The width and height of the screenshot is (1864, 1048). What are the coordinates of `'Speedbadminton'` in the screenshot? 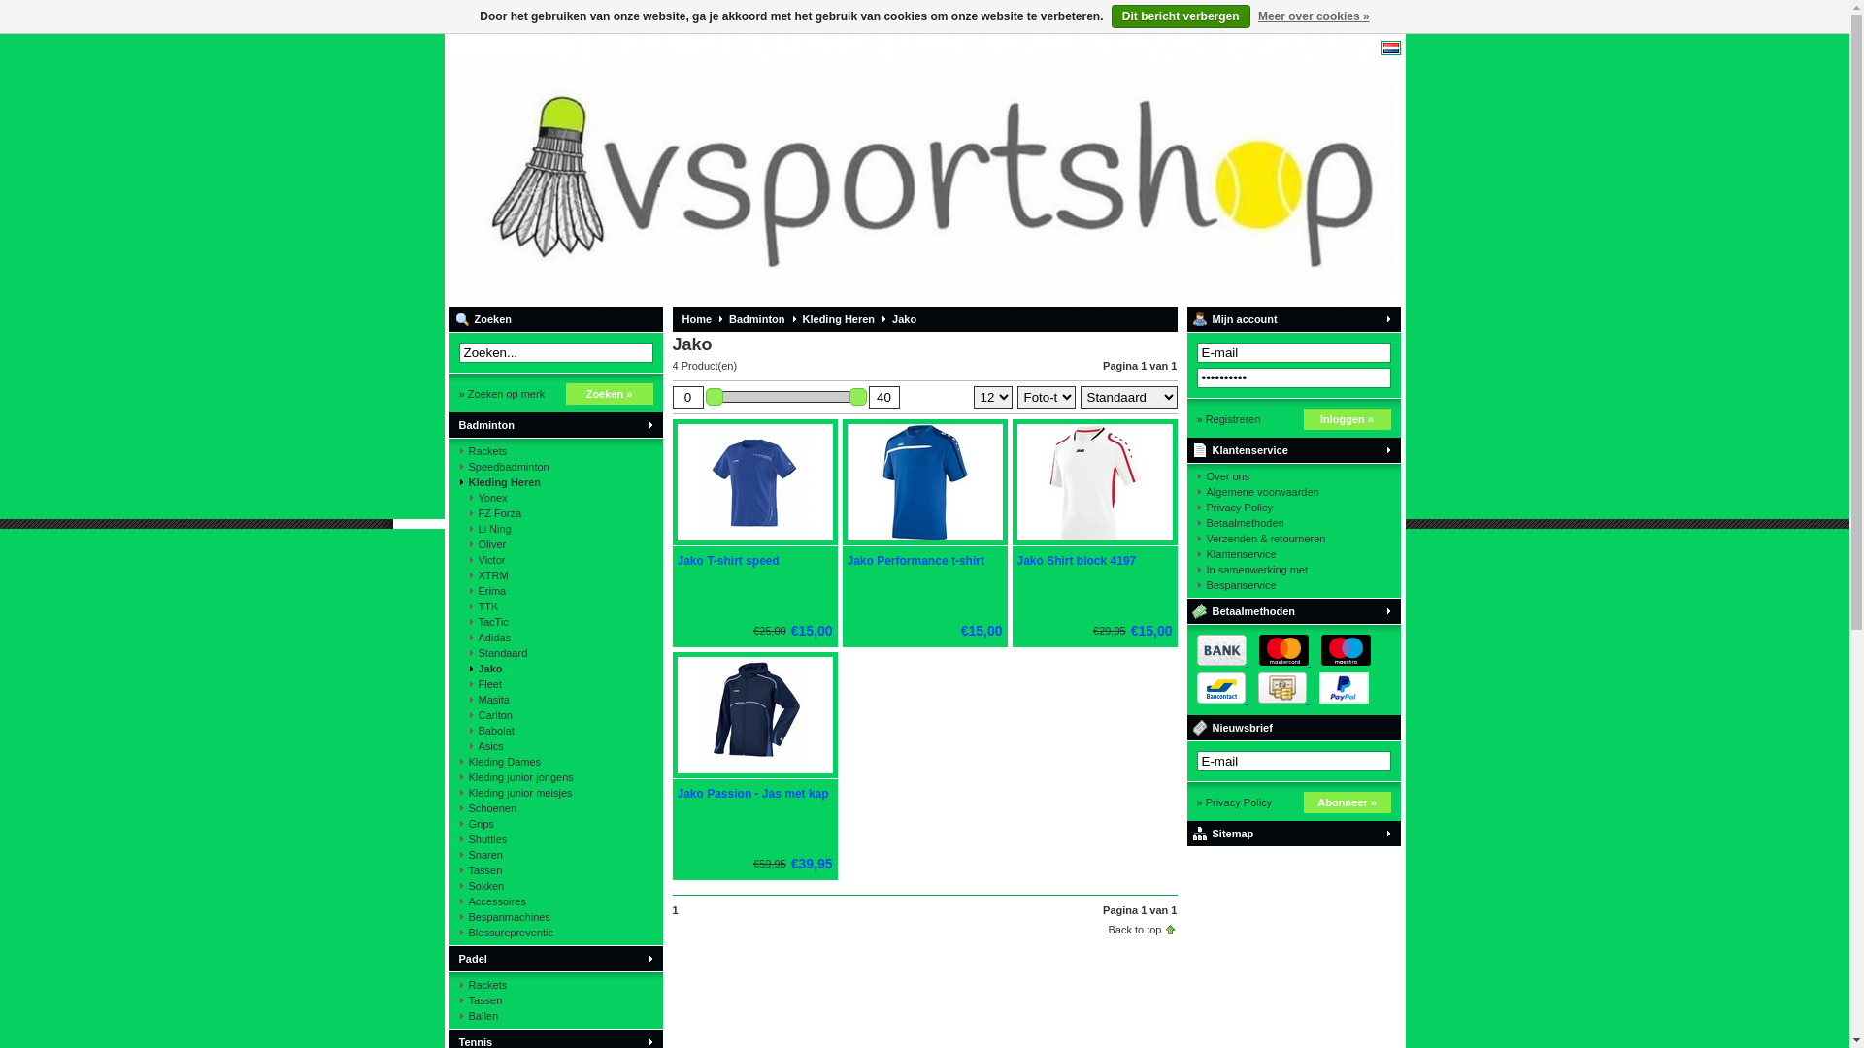 It's located at (553, 467).